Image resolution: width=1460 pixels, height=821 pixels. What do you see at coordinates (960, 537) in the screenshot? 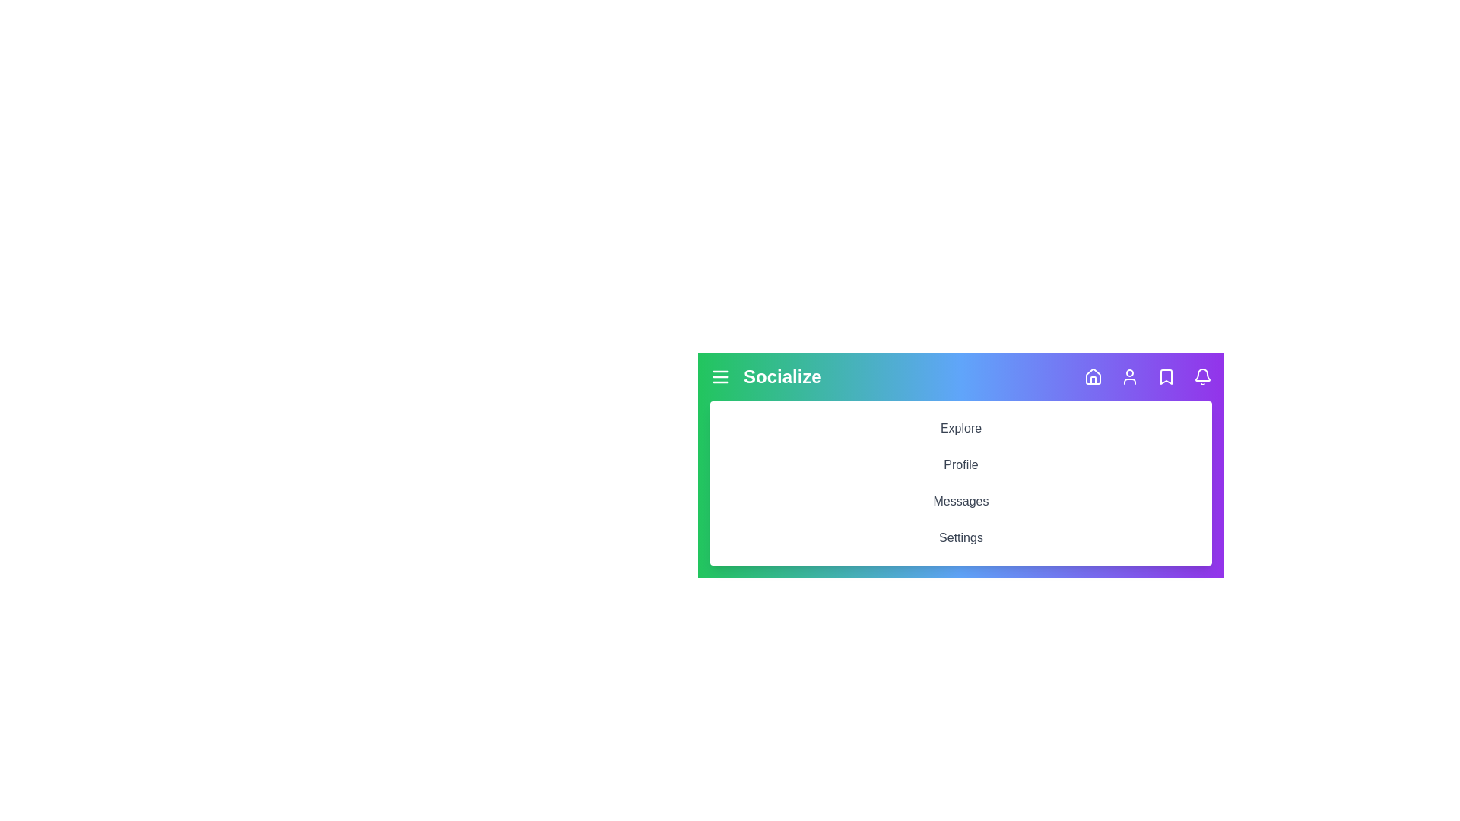
I see `the menu item Settings` at bounding box center [960, 537].